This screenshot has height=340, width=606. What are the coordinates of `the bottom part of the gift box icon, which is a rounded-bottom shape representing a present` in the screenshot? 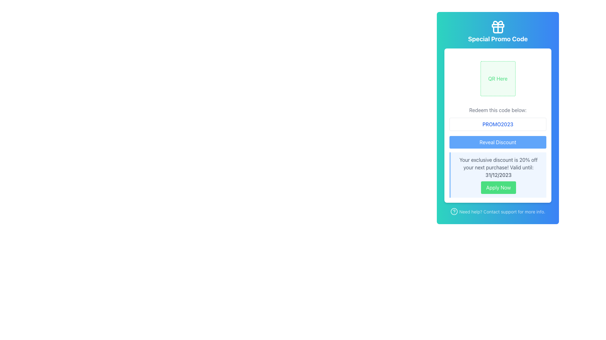 It's located at (497, 30).